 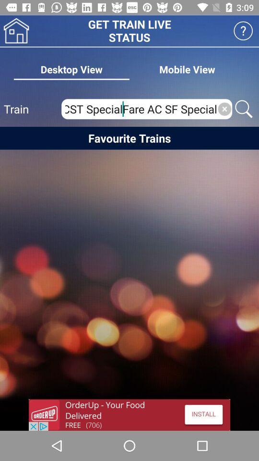 What do you see at coordinates (243, 31) in the screenshot?
I see `the help icon` at bounding box center [243, 31].